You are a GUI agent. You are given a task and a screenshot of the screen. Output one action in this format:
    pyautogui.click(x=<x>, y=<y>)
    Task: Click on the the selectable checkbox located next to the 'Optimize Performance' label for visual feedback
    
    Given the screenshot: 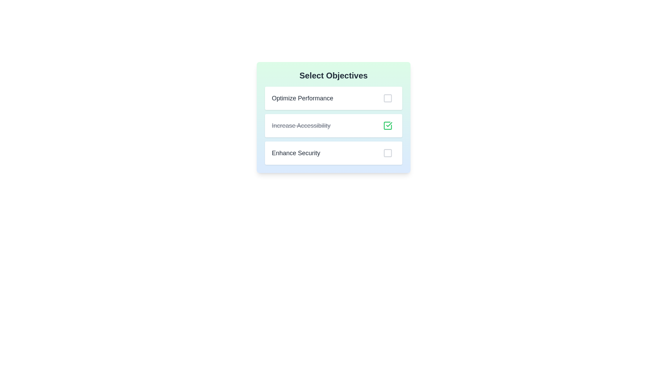 What is the action you would take?
    pyautogui.click(x=388, y=98)
    